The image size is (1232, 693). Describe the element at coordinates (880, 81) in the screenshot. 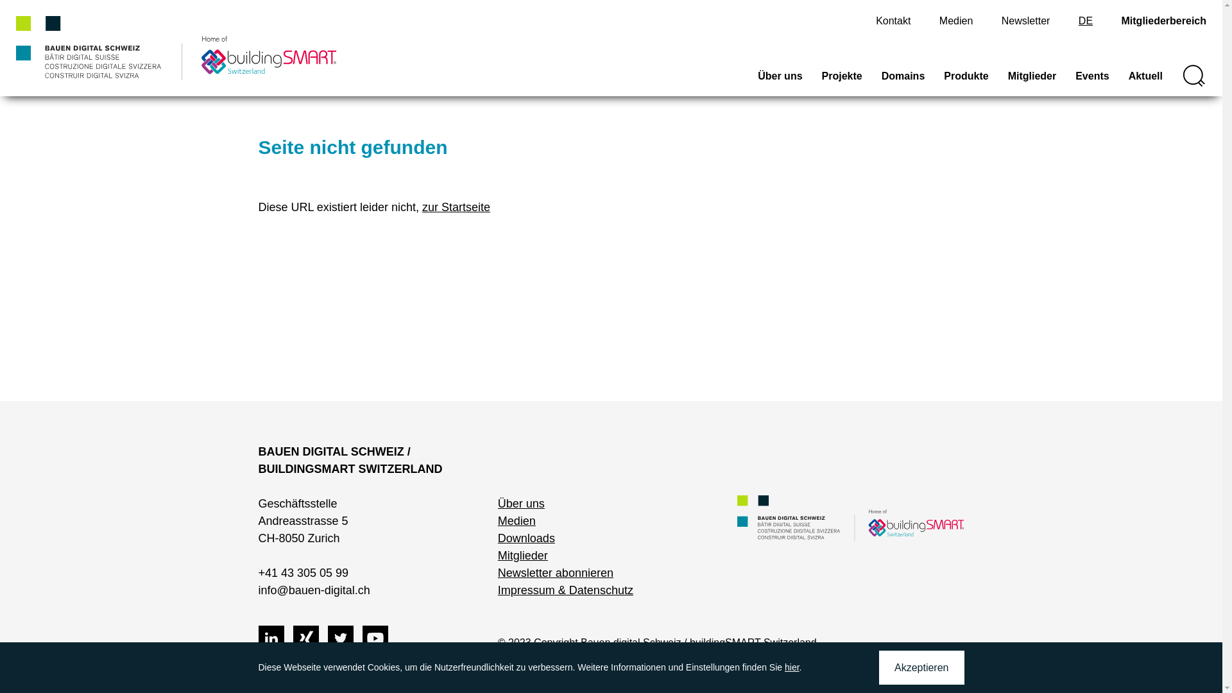

I see `'Domains'` at that location.